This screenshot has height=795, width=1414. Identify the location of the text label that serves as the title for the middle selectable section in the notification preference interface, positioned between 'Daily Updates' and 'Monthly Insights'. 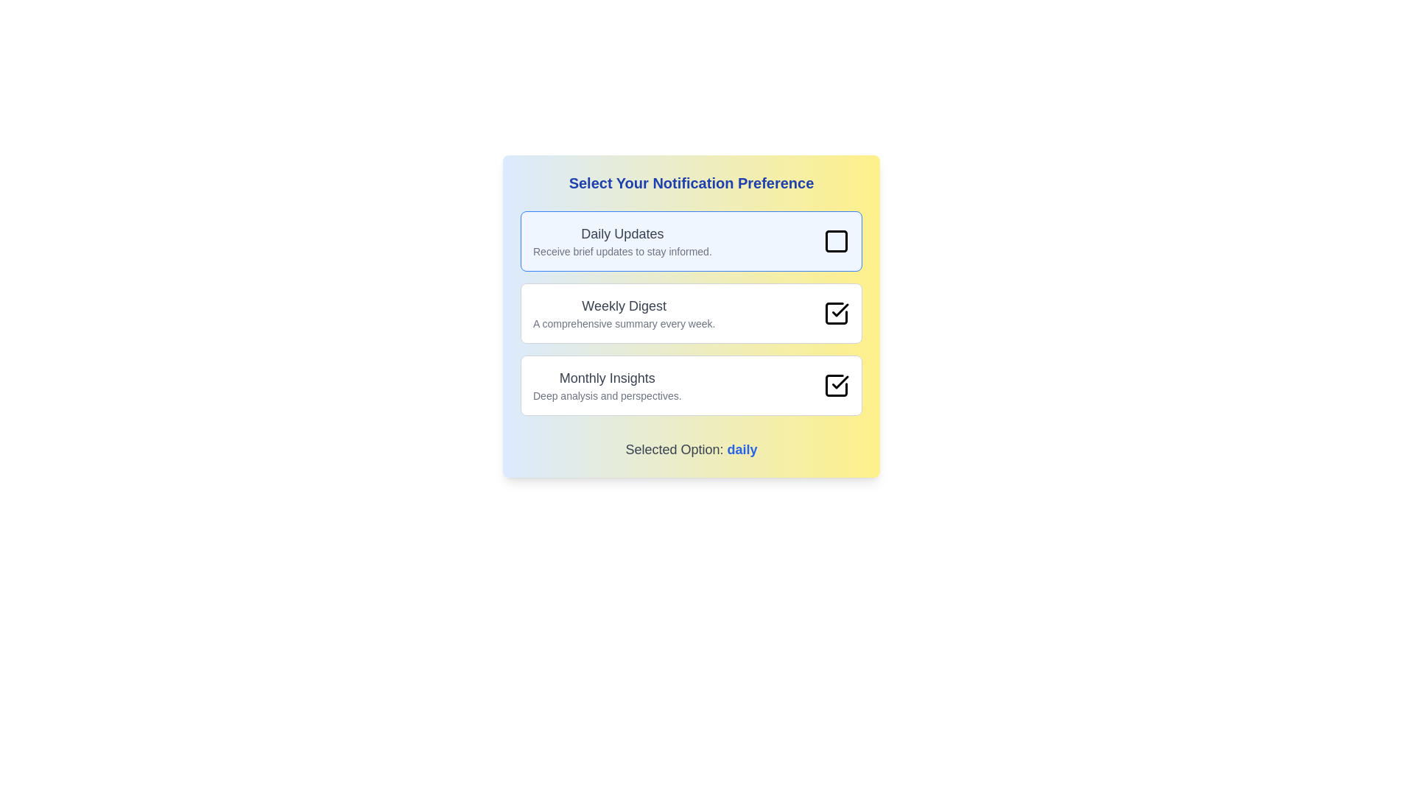
(624, 305).